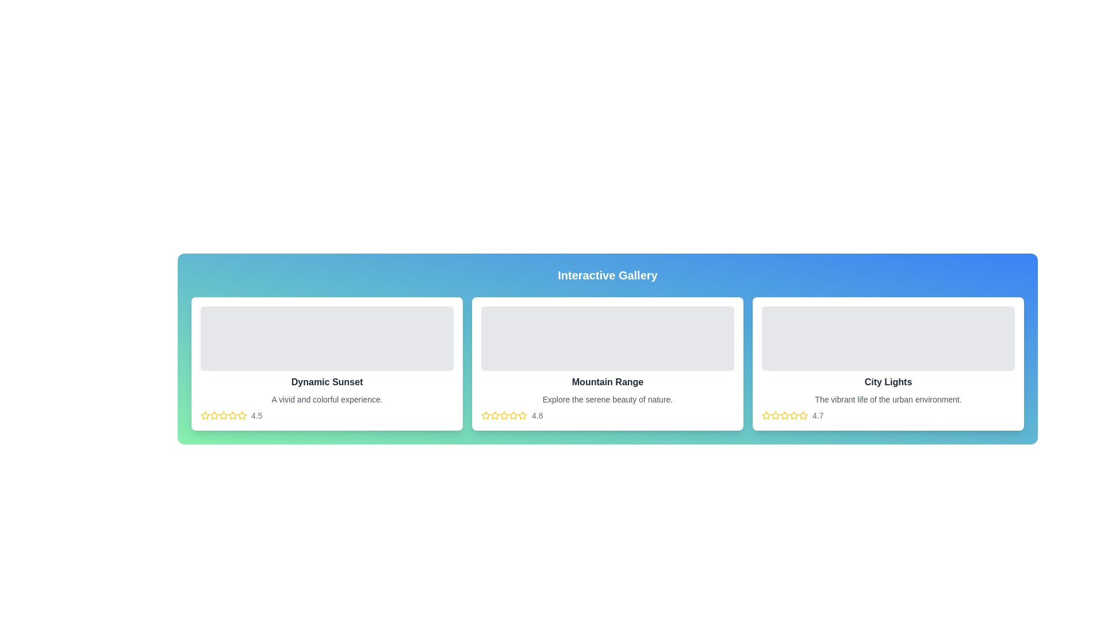 Image resolution: width=1104 pixels, height=621 pixels. Describe the element at coordinates (205, 415) in the screenshot. I see `the first yellow star rating icon located in the 'Dynamic Sunset' section to rate it` at that location.